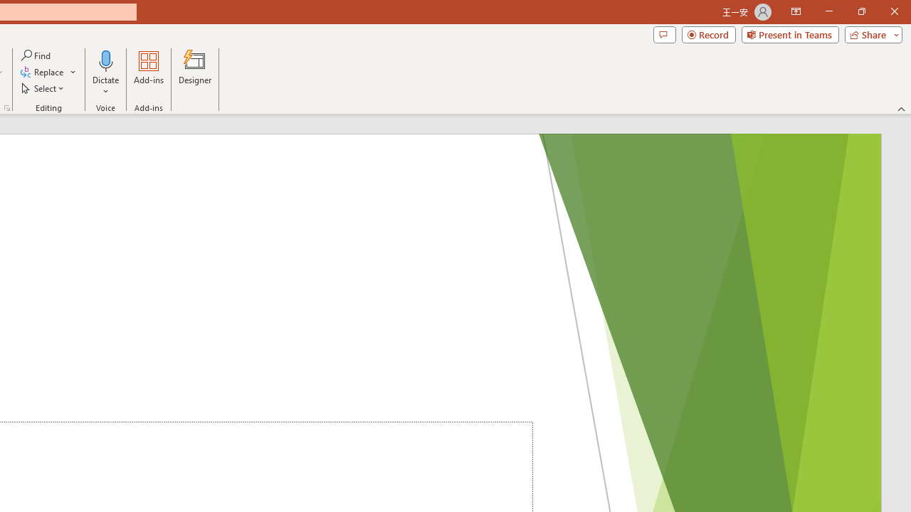 This screenshot has height=512, width=911. Describe the element at coordinates (870, 33) in the screenshot. I see `'Share'` at that location.